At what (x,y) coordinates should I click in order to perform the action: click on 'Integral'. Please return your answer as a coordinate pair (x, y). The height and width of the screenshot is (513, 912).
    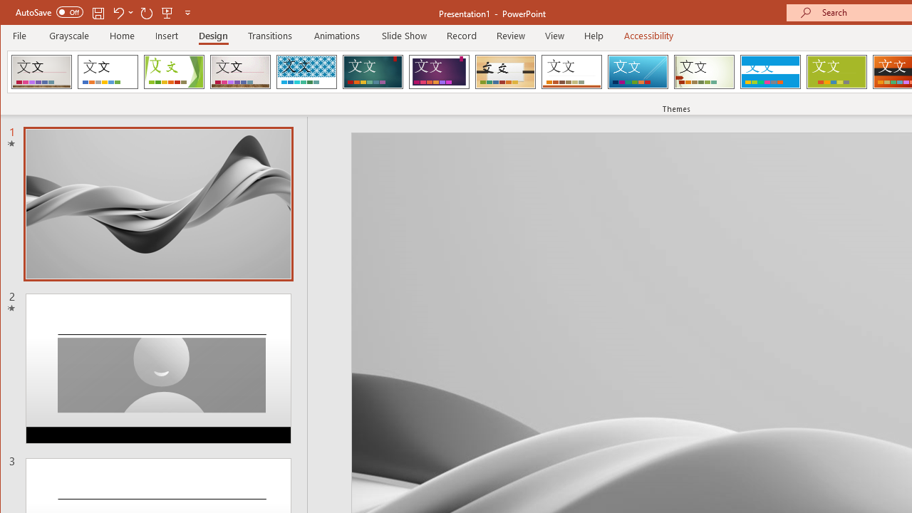
    Looking at the image, I should click on (306, 71).